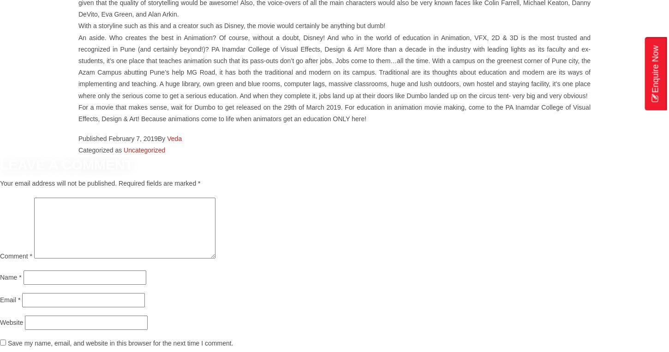 The height and width of the screenshot is (352, 669). I want to click on 'With a storyline such as this and a creator such as Disney, the movie would certainly be anything but dumb!', so click(232, 26).